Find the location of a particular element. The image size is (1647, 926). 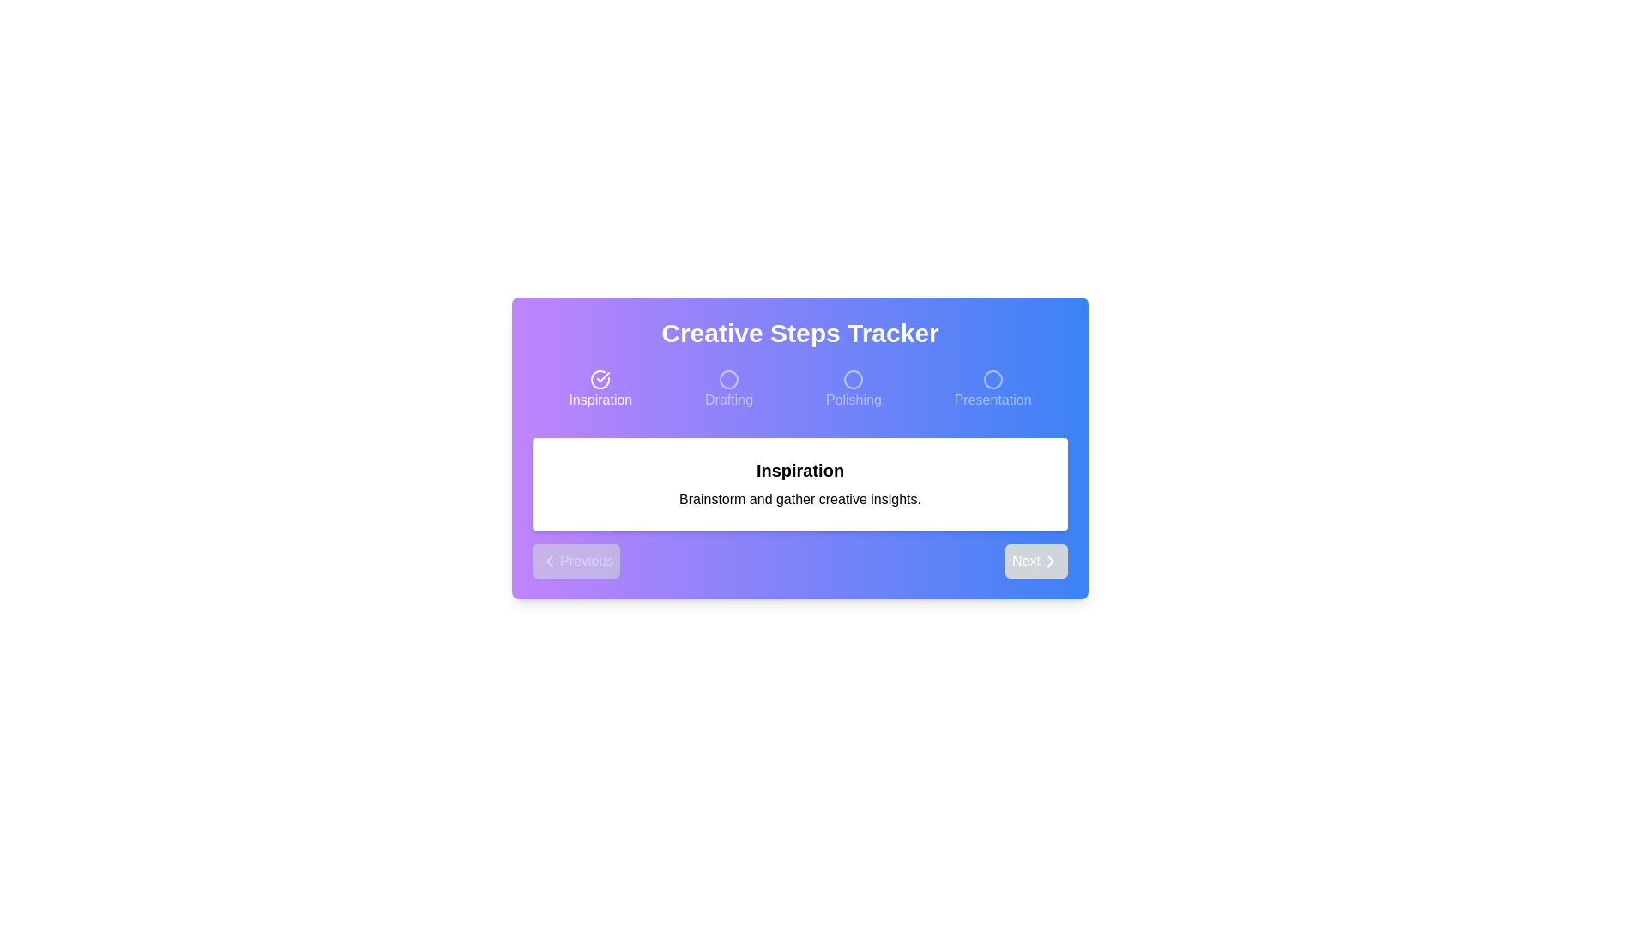

the step circle corresponding to Presentation to view its details is located at coordinates (992, 390).